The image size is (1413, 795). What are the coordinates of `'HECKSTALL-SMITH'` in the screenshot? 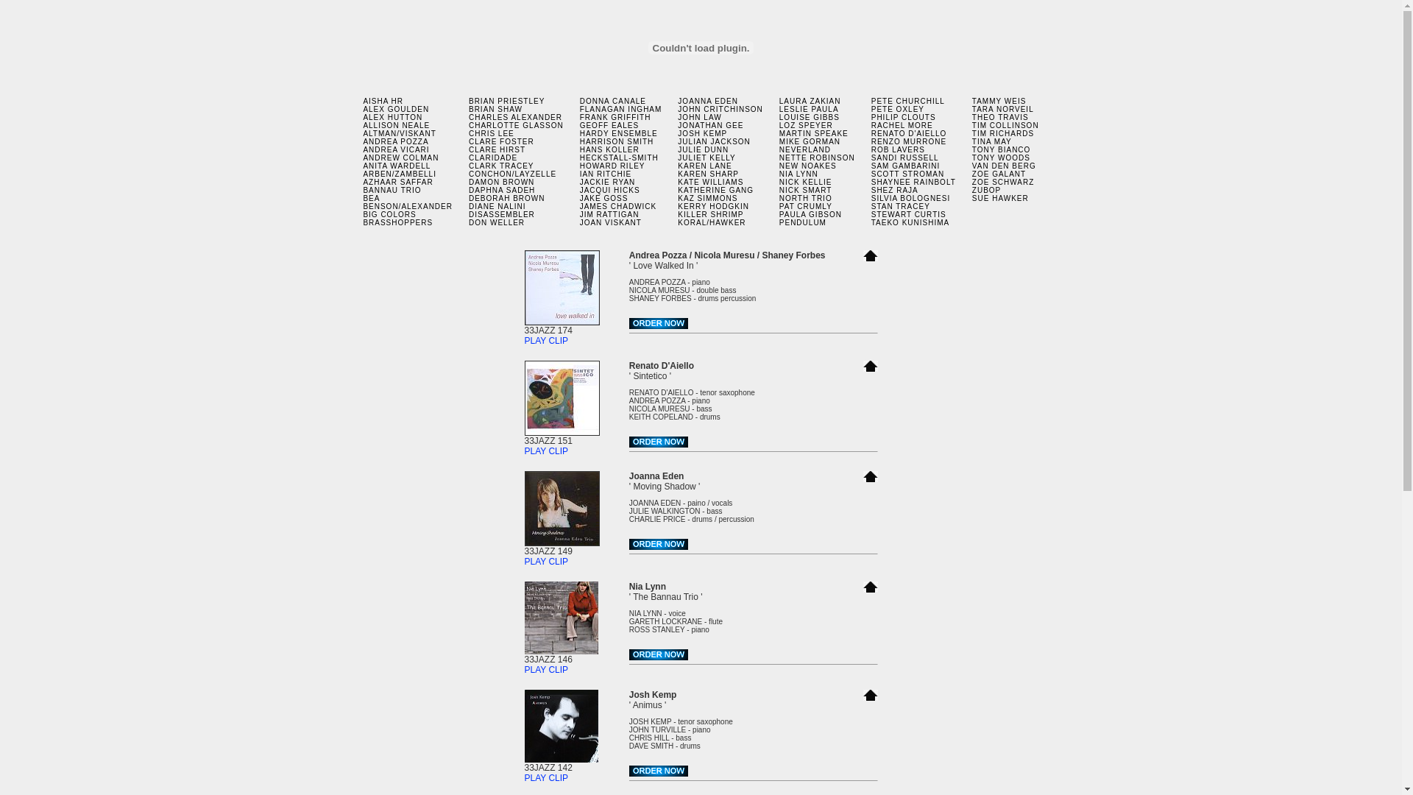 It's located at (619, 158).